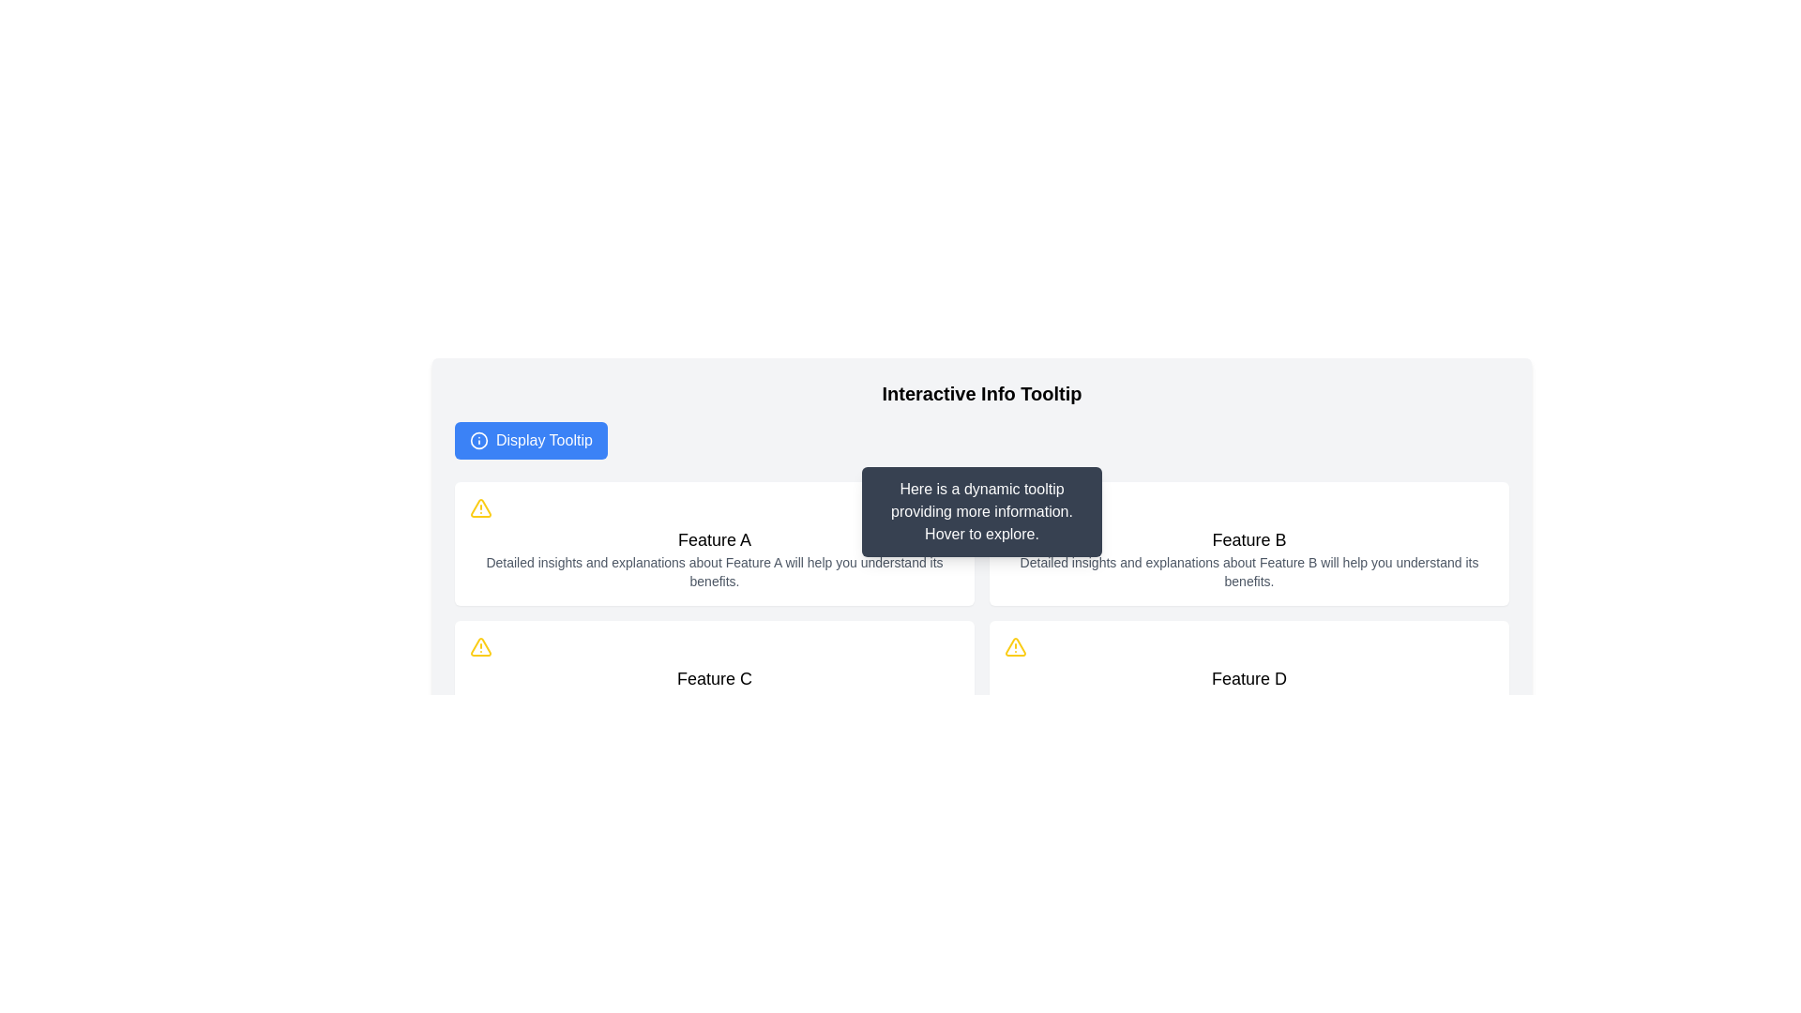 The height and width of the screenshot is (1013, 1801). I want to click on the informational icon located within the blue 'Display Tooltip' button, positioned to the left of the text label, so click(478, 441).